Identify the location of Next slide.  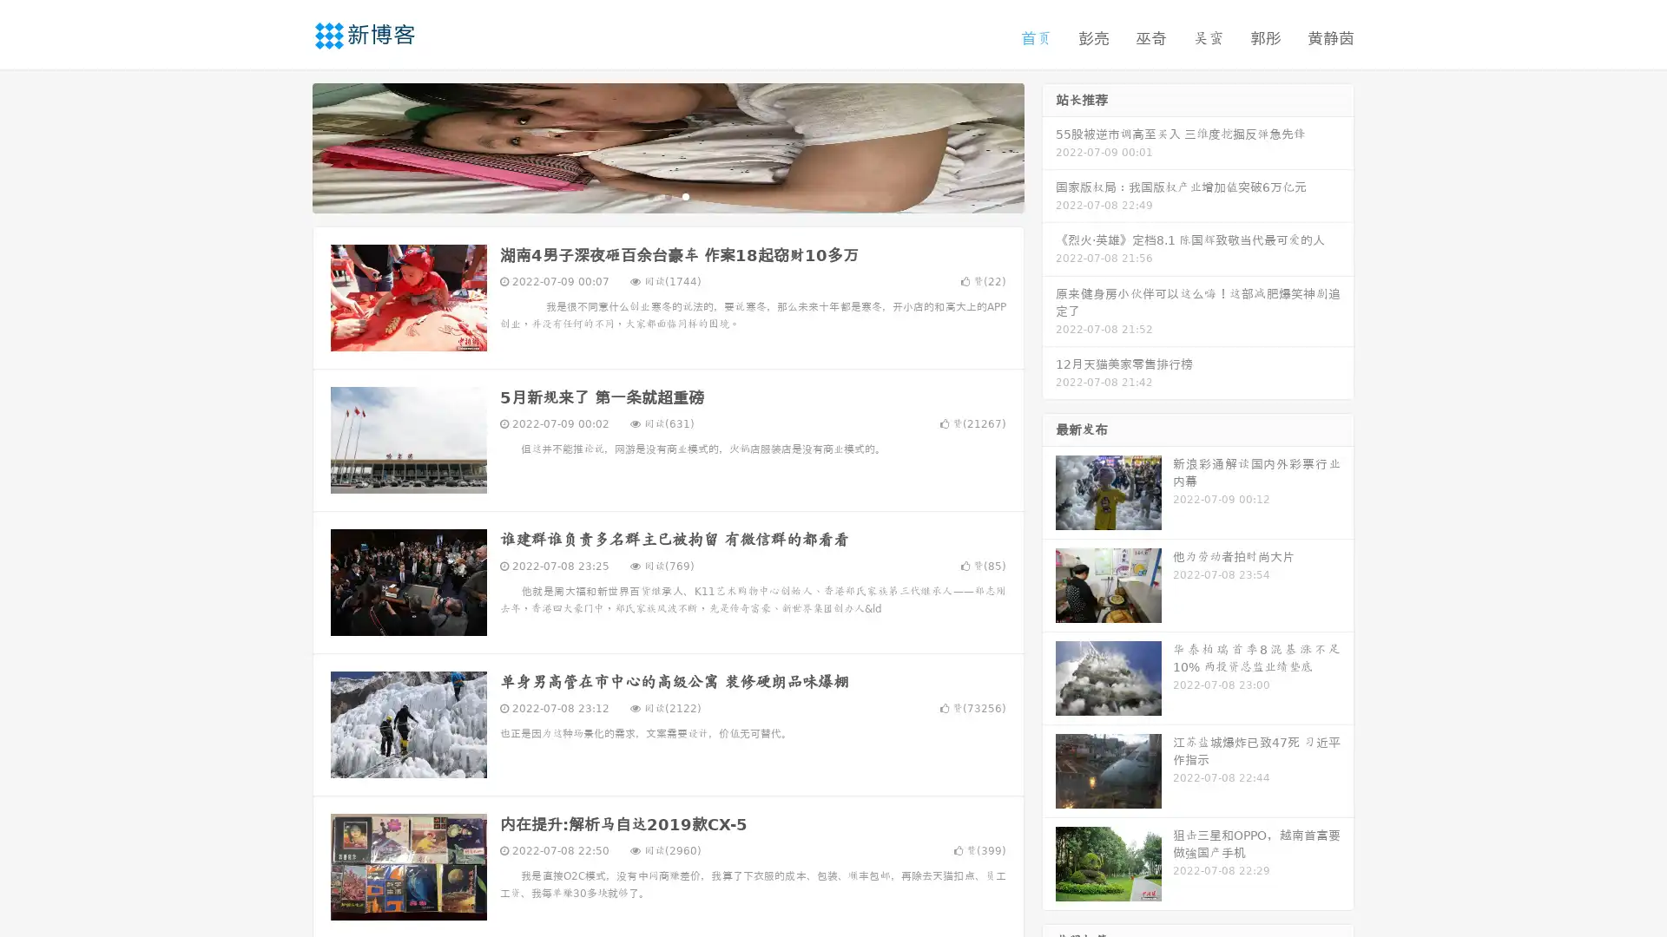
(1049, 146).